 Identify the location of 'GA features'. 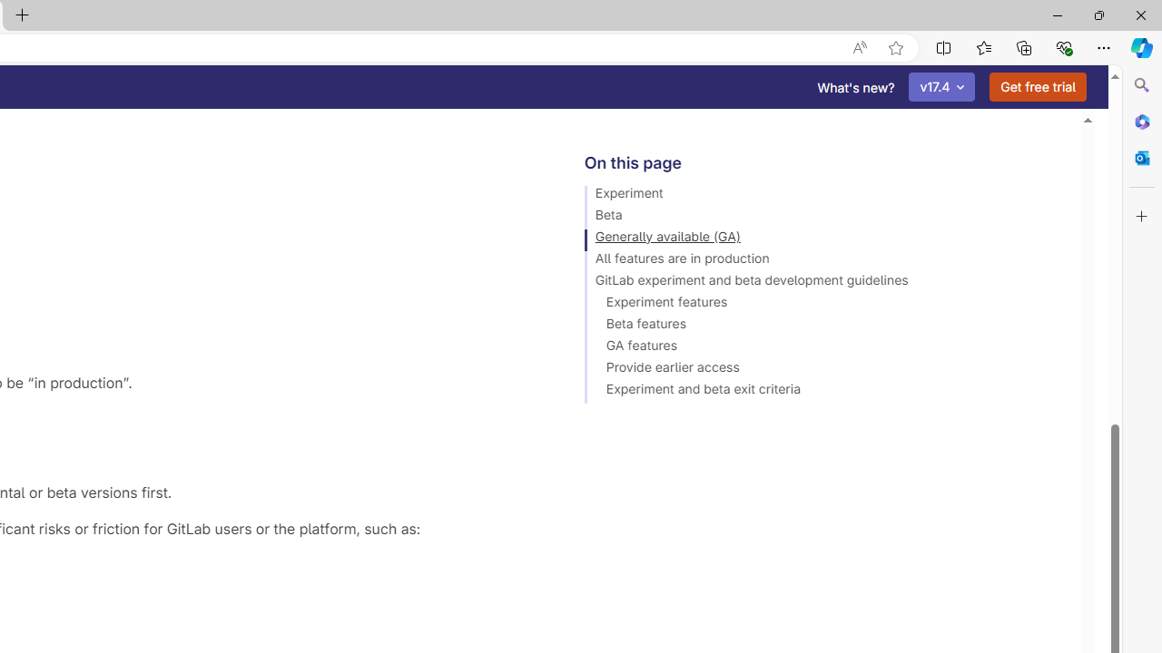
(823, 348).